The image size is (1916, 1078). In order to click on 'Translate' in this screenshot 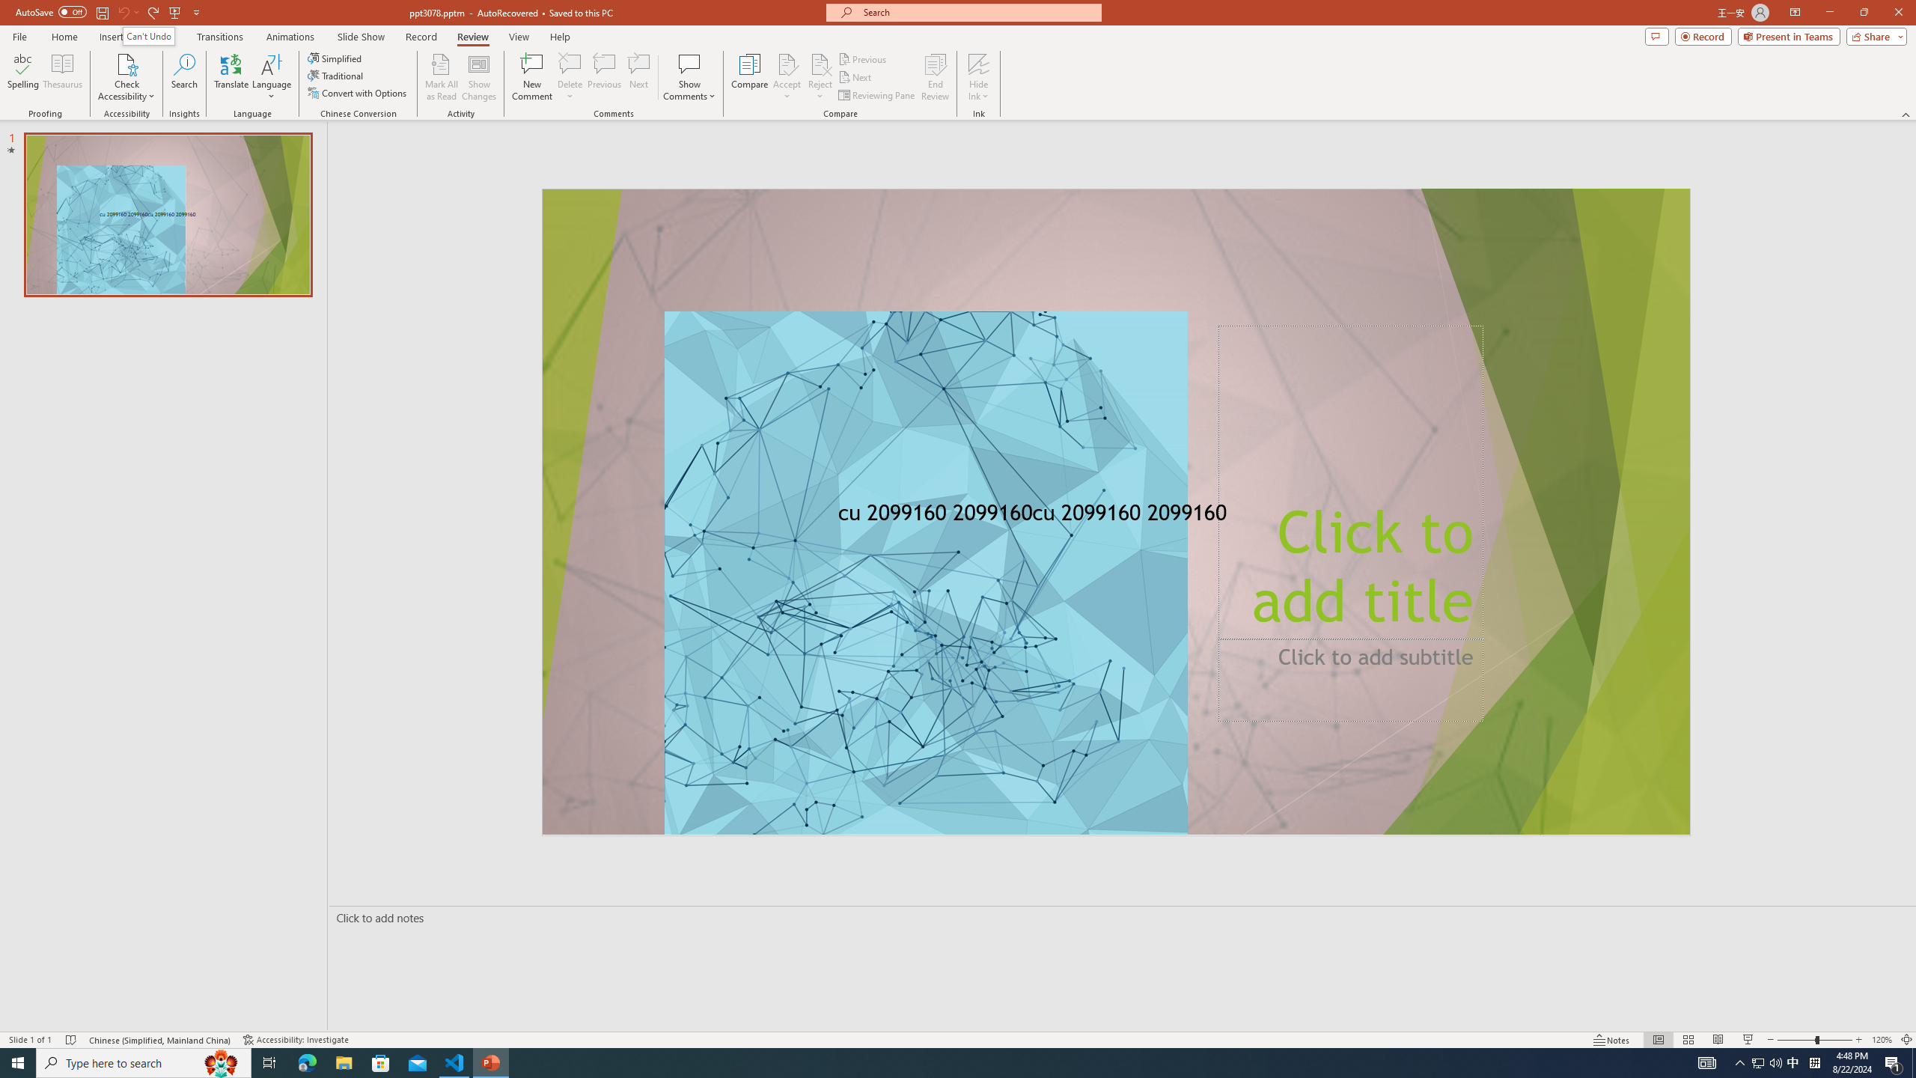, I will do `click(231, 77)`.